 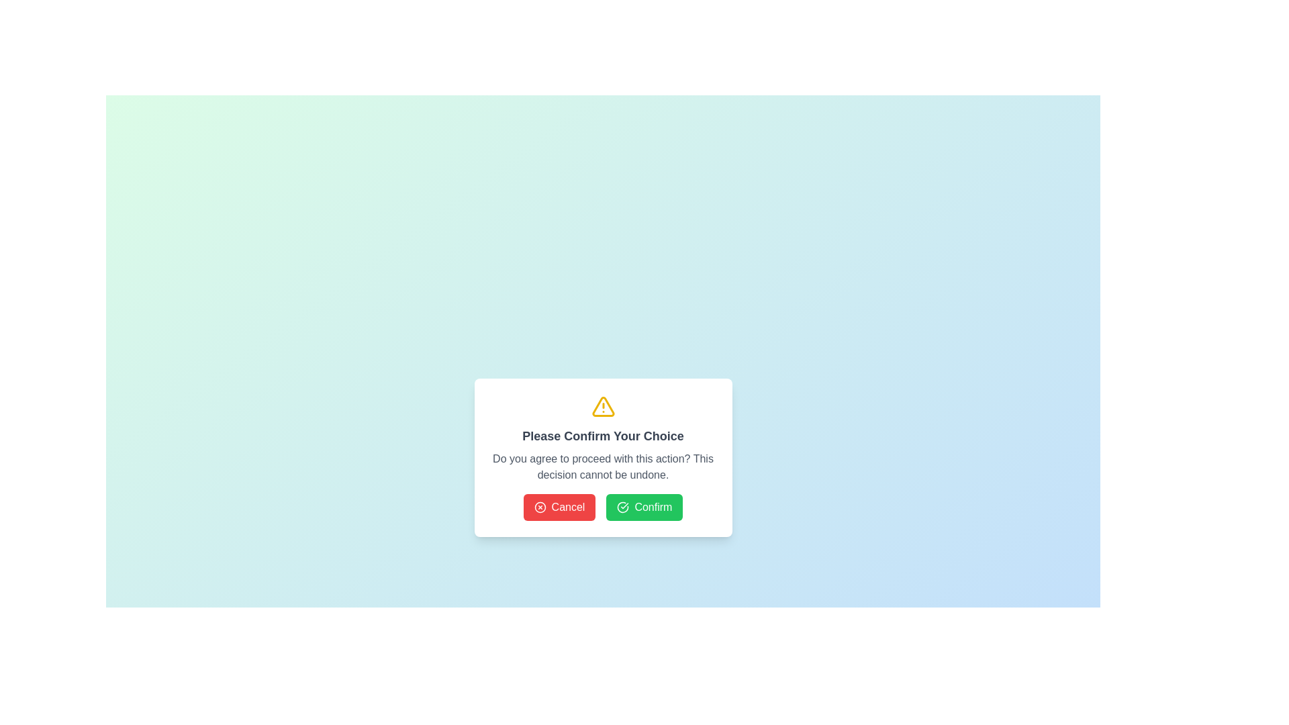 I want to click on textual content that states 'Do you agree to proceed with this action? This decision cannot be undone.' which is located in the center of the confirmation dialog box below the title 'Please Confirm Your Choice', so click(x=602, y=466).